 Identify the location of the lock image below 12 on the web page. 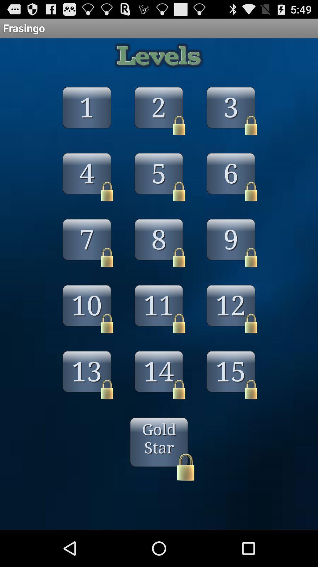
(251, 323).